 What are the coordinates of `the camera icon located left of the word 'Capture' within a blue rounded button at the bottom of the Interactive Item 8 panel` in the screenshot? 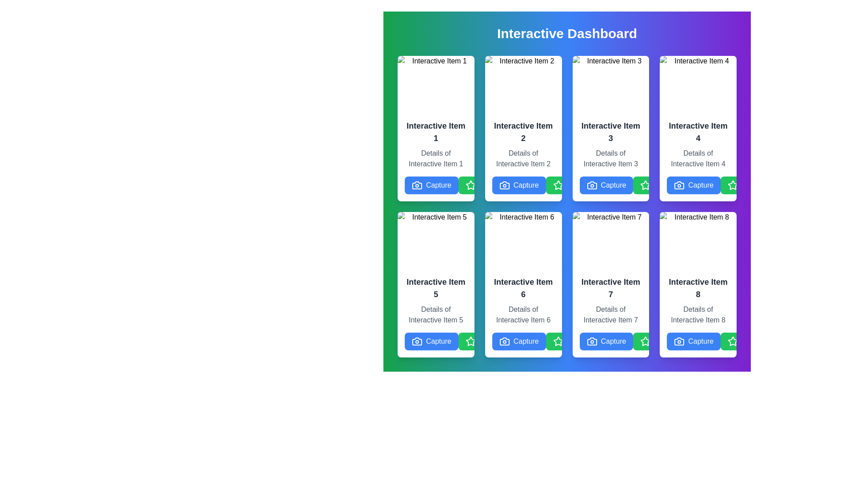 It's located at (679, 341).